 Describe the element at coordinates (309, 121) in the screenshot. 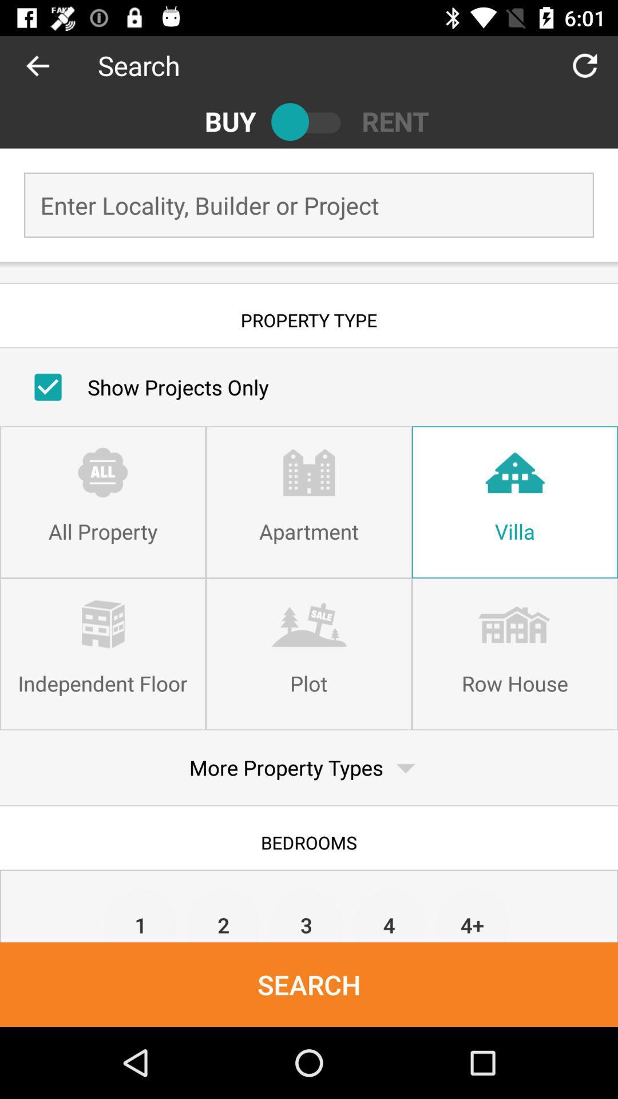

I see `between properties to rent or to buy` at that location.